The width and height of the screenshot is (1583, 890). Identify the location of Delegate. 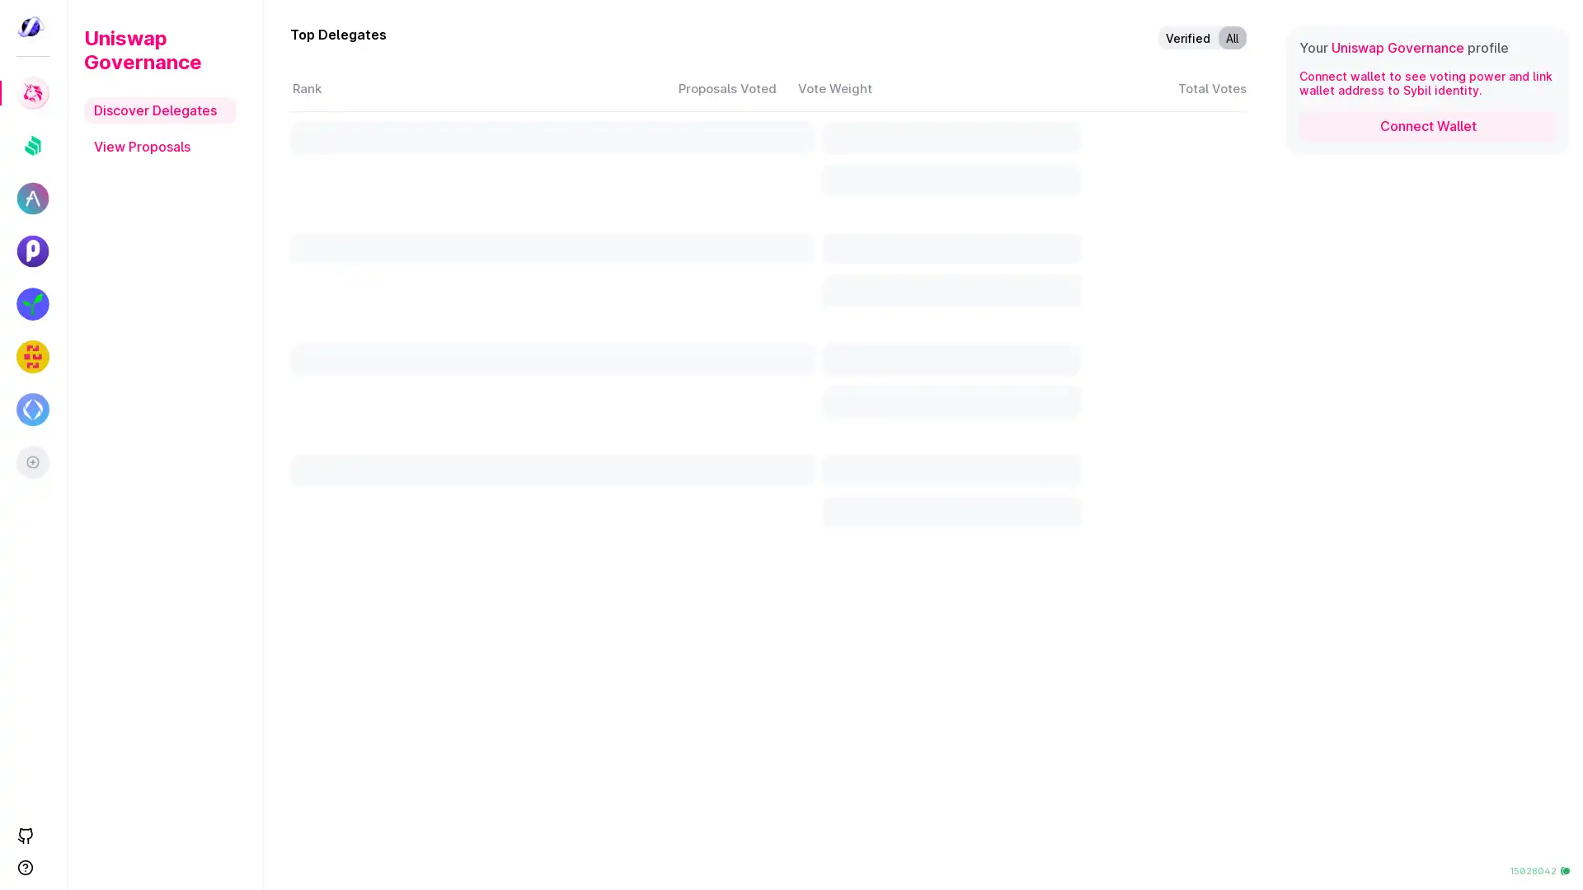
(1093, 682).